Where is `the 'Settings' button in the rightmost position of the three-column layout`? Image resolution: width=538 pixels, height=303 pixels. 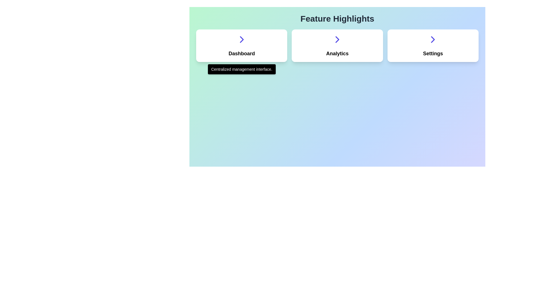
the 'Settings' button in the rightmost position of the three-column layout is located at coordinates (433, 45).